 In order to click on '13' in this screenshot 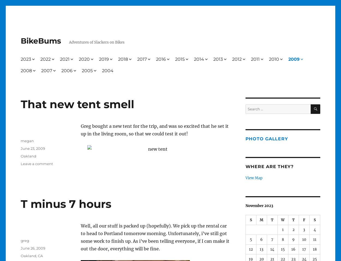, I will do `click(261, 249)`.